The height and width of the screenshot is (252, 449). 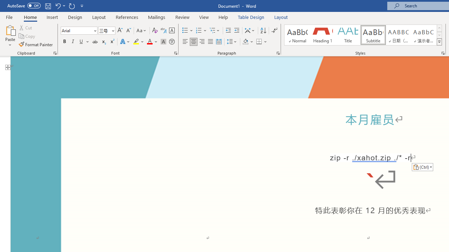 What do you see at coordinates (27, 36) in the screenshot?
I see `'Copy'` at bounding box center [27, 36].